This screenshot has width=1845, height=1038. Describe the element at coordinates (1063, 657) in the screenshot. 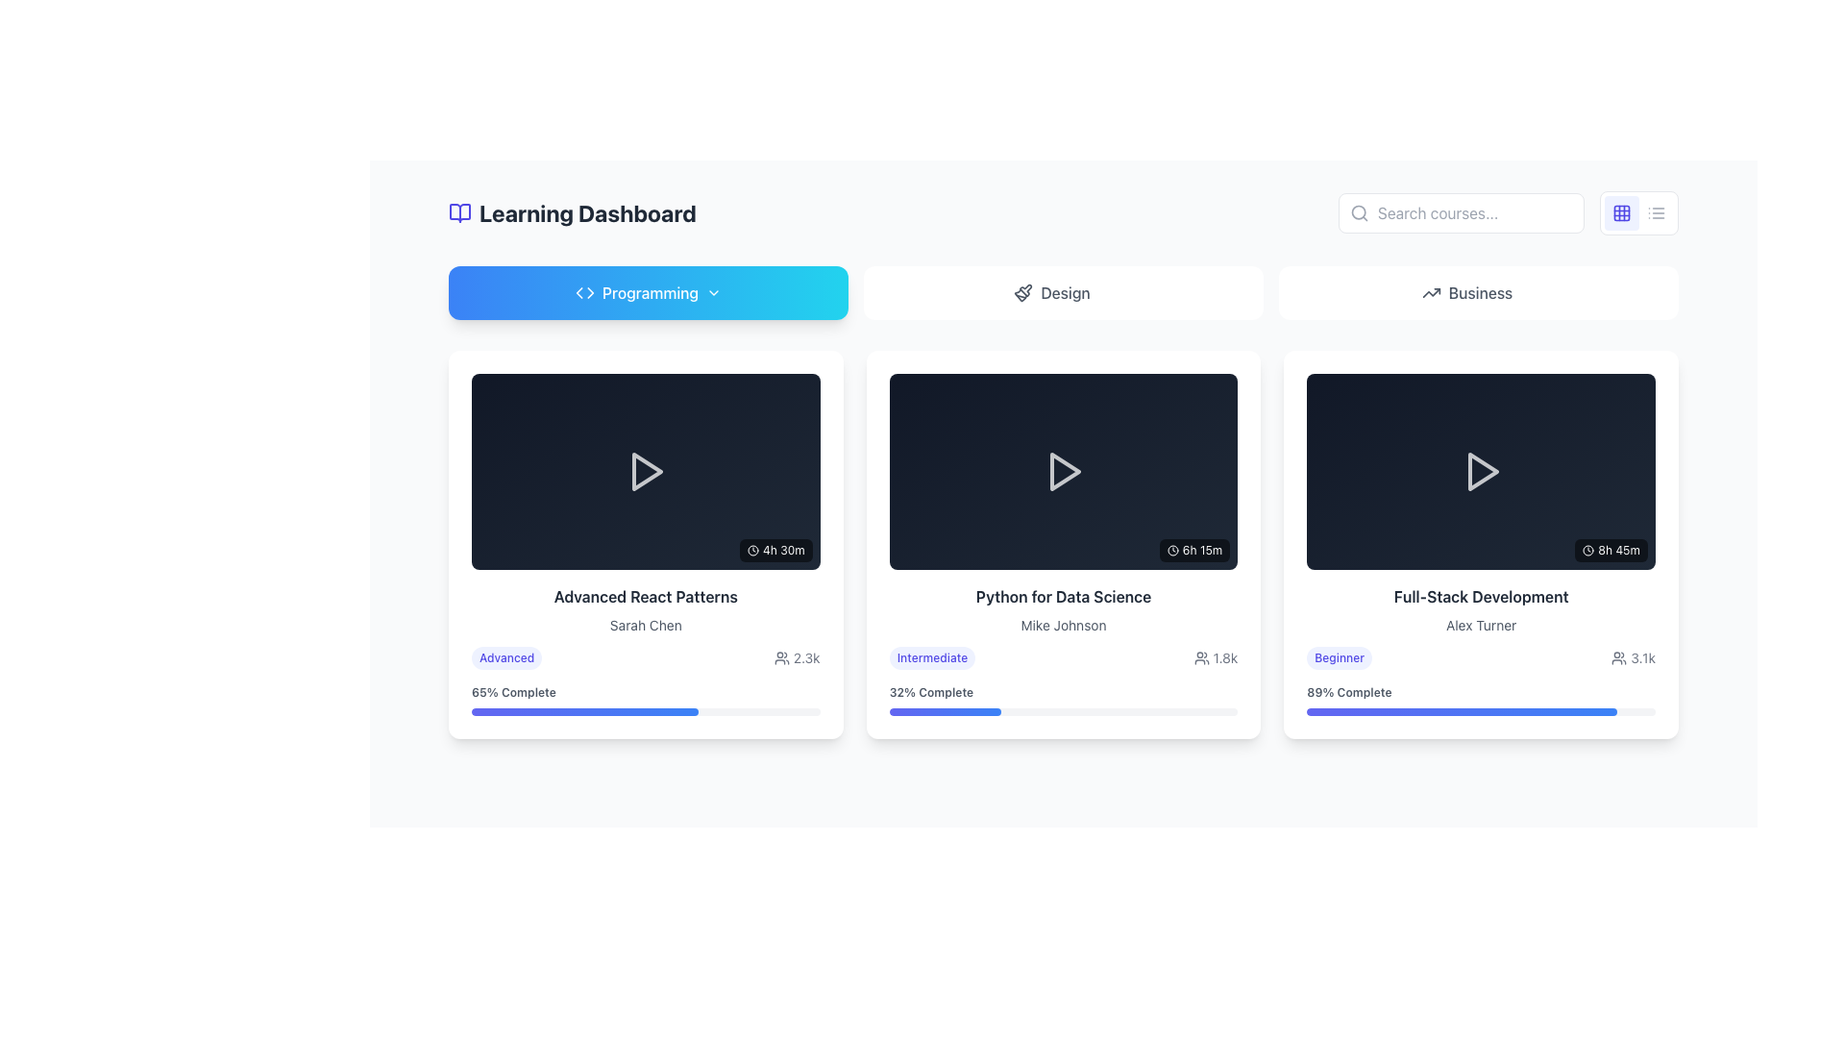

I see `the label 'Intermediate' along with the accompanying text '1.8k' and the user icon to understand the course details for 'Python for Data Science'` at that location.